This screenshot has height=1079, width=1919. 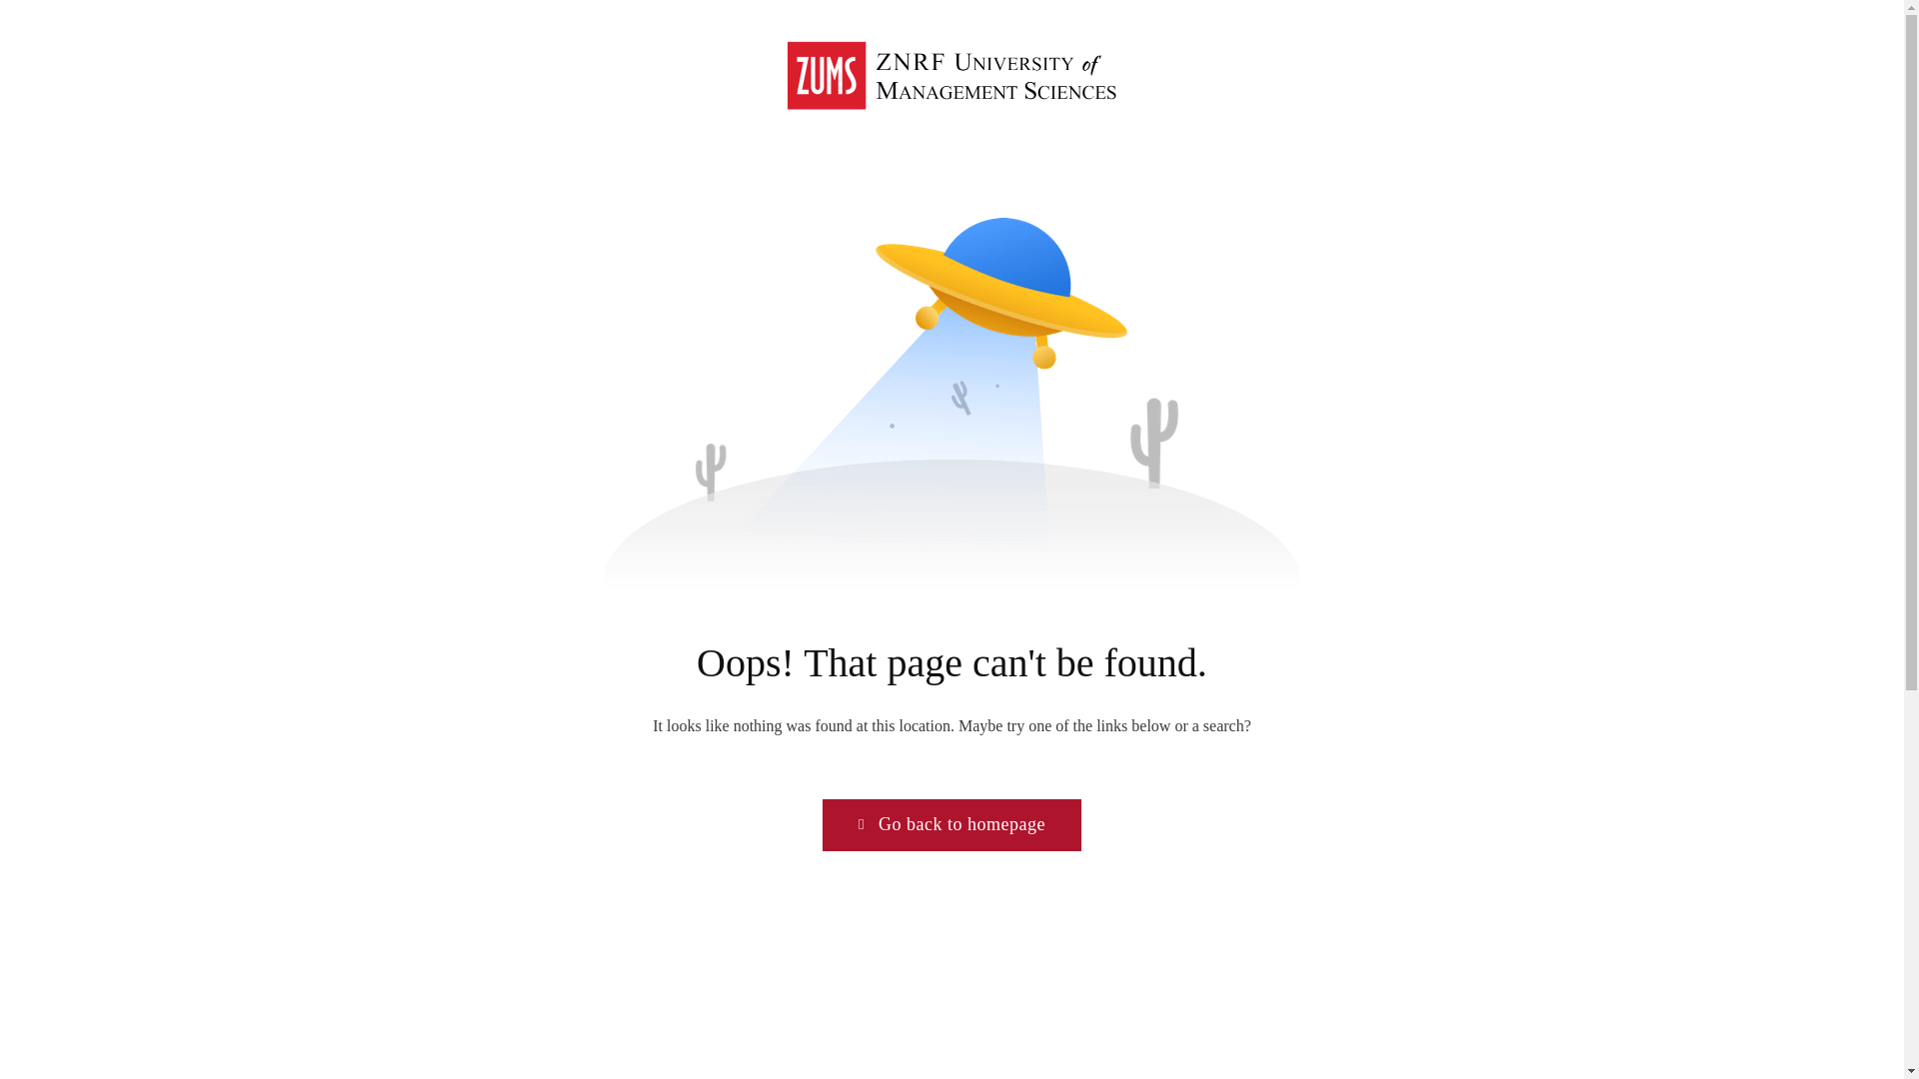 I want to click on 'Go back to homepage', so click(x=951, y=824).